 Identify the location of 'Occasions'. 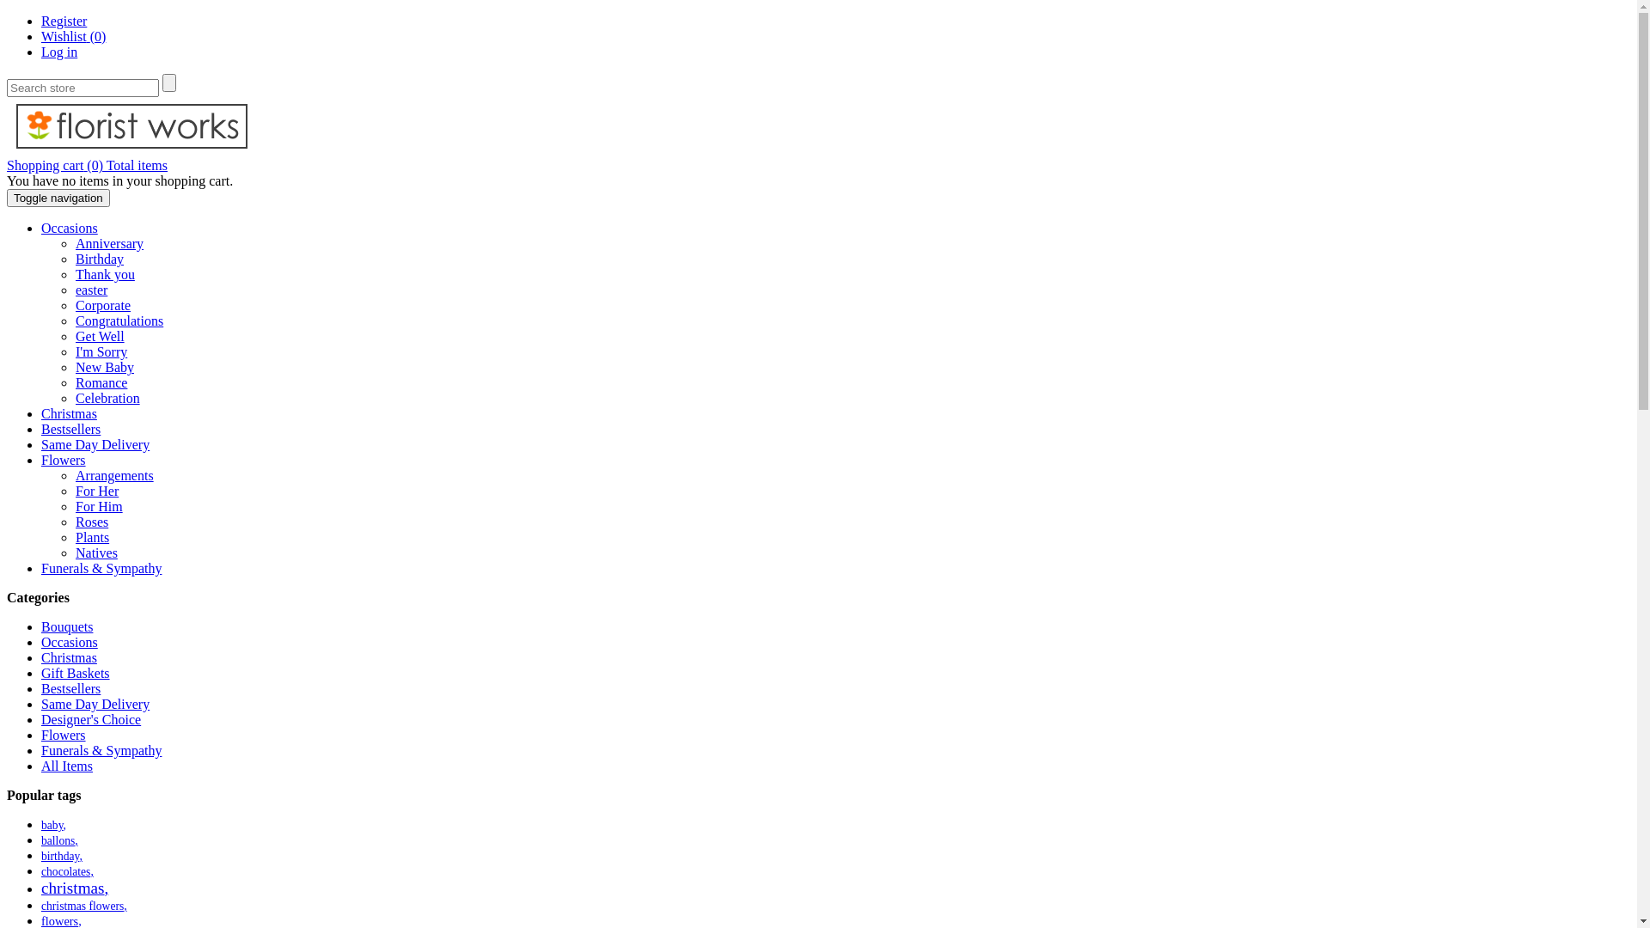
(69, 642).